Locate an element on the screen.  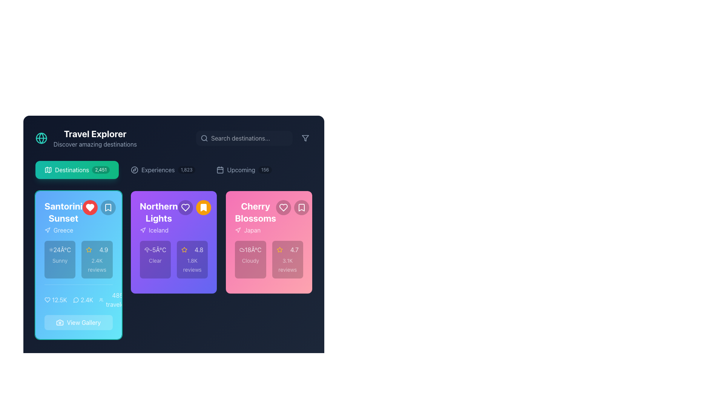
the visual style of the SVG Icon representing the 'Destinations' feature, positioned beside the text label 'Destinations' is located at coordinates (48, 170).